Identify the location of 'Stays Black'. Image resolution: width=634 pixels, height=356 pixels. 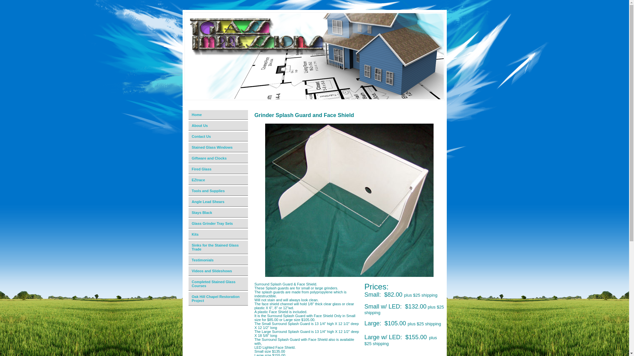
(219, 213).